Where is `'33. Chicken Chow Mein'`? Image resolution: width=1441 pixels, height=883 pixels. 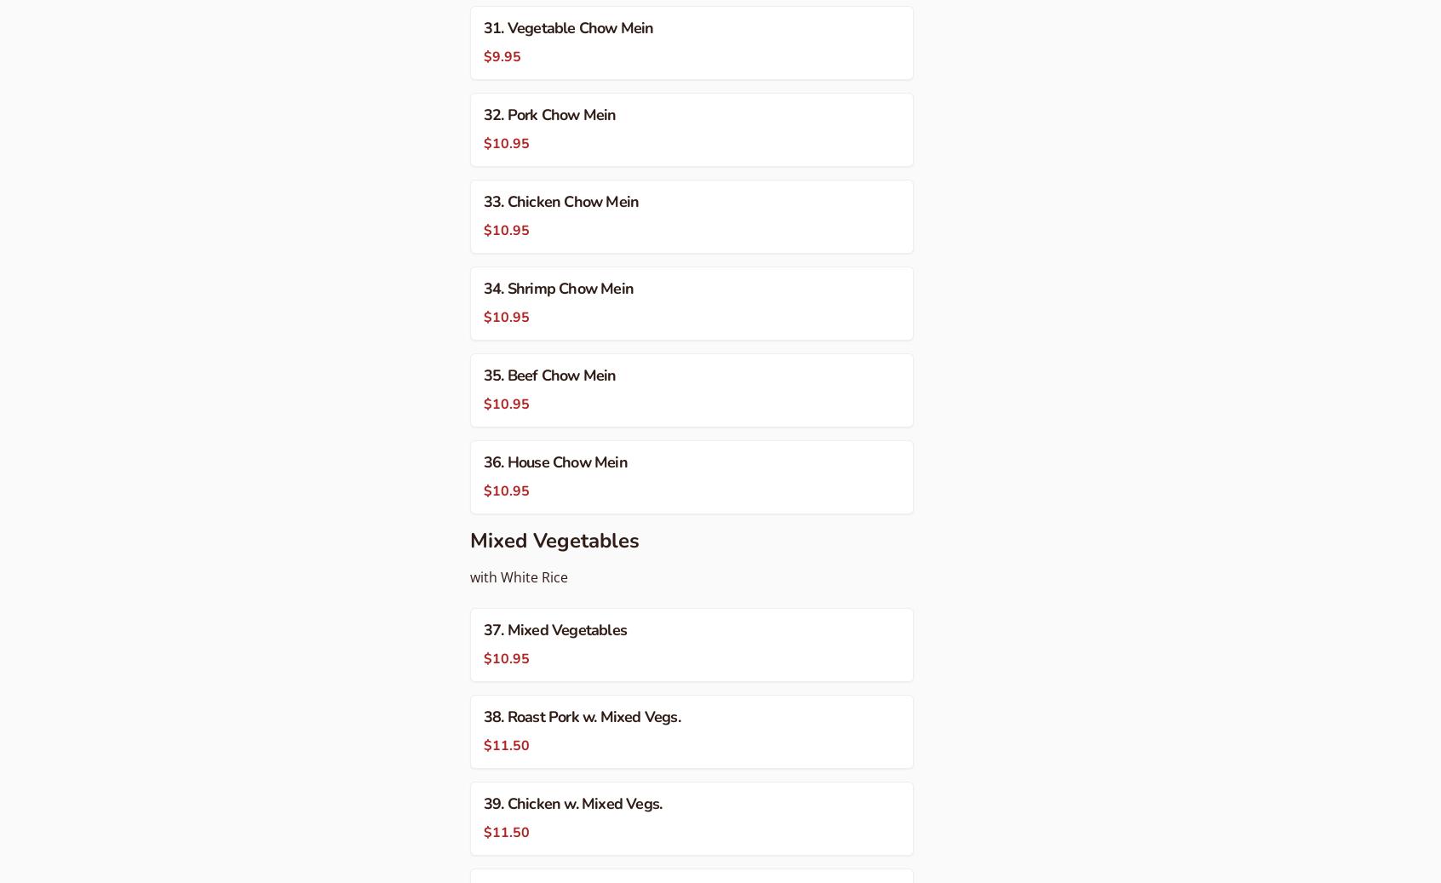
'33. Chicken Chow Mein' is located at coordinates (561, 200).